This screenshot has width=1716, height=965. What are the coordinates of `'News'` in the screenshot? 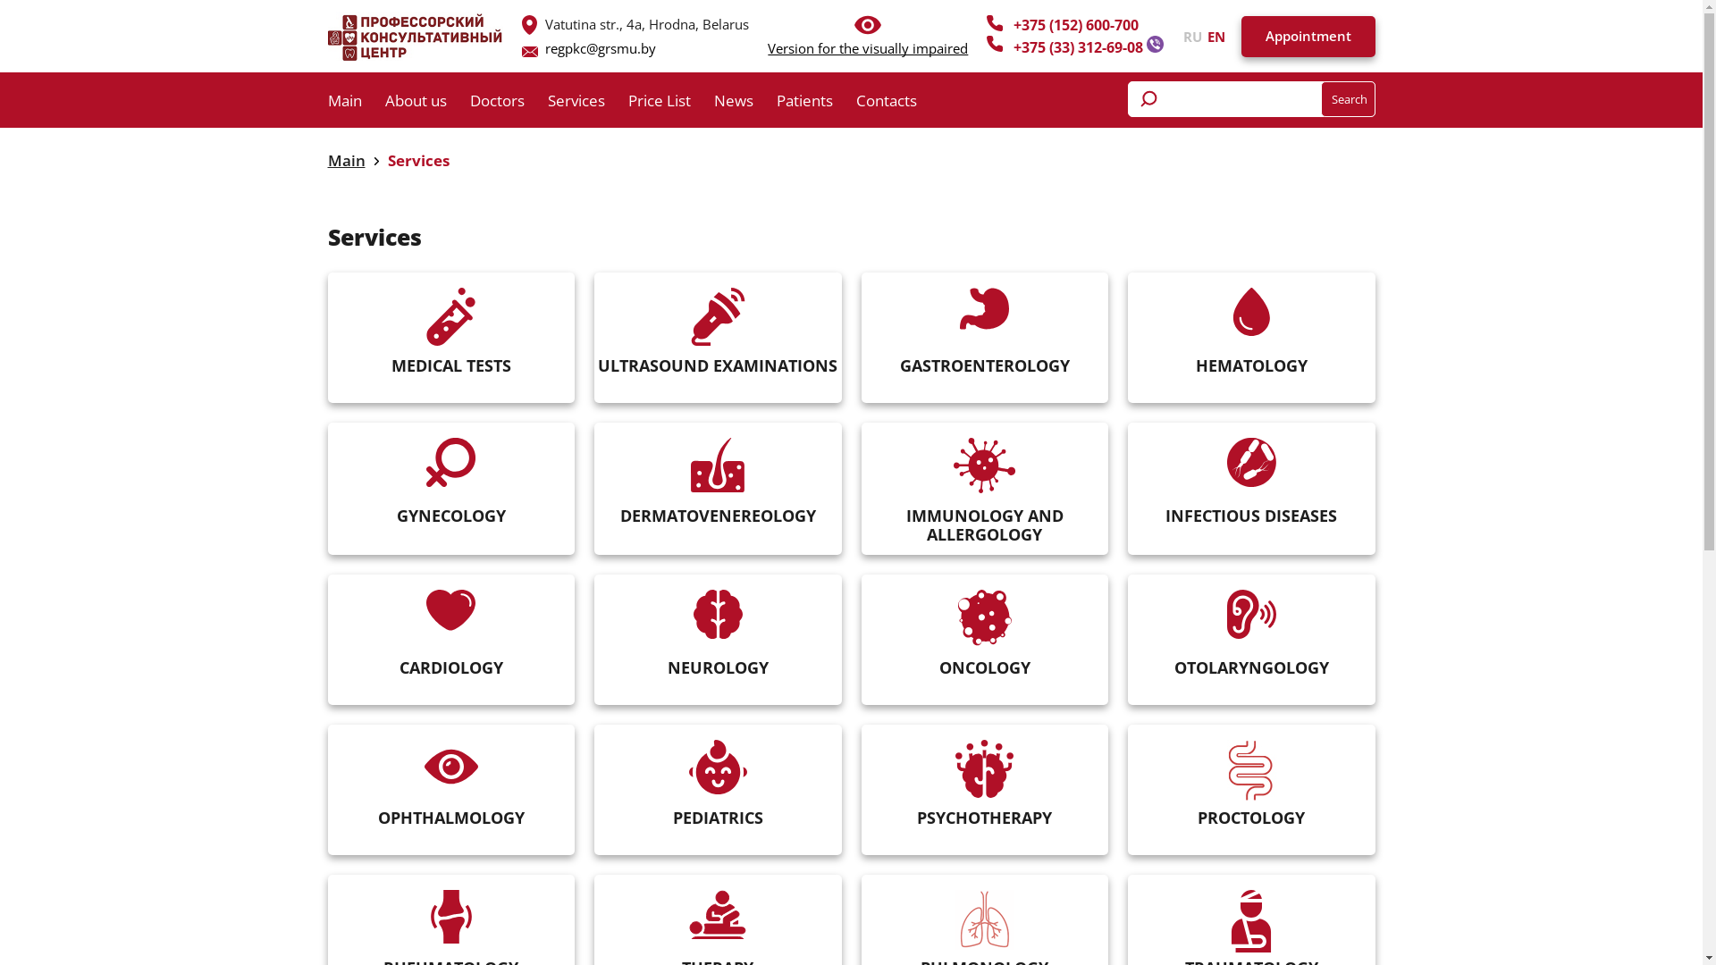 It's located at (744, 104).